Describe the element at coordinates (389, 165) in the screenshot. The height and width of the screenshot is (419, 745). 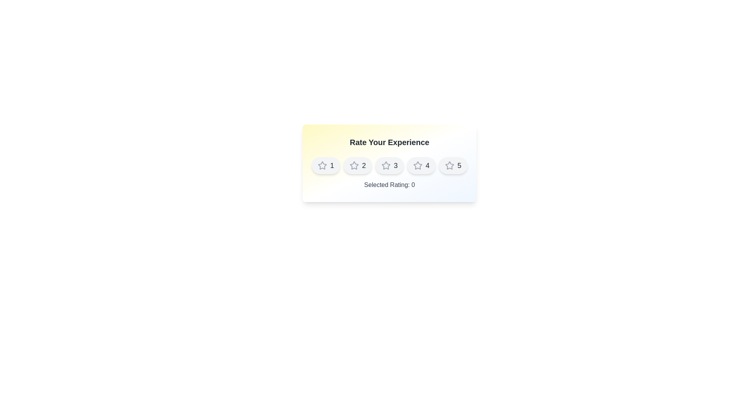
I see `the star corresponding to the rating value 3` at that location.